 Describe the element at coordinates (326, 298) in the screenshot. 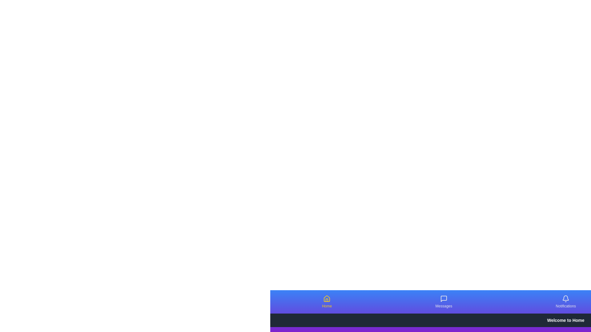

I see `the tab icon labeled Home` at that location.